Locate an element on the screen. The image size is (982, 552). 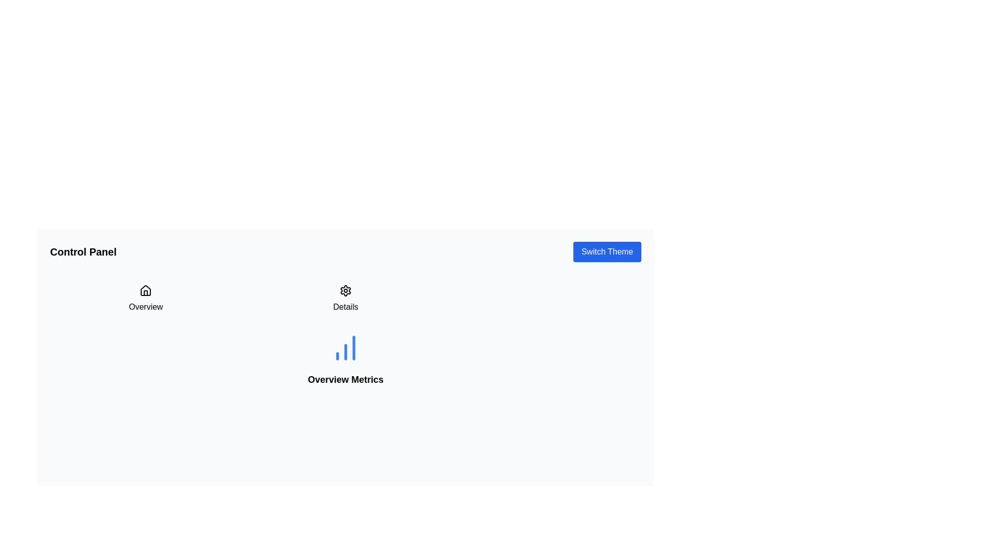
the prominent graphical icon representing the metrics overview, positioned directly above the text 'Overview Metrics' is located at coordinates (346, 348).